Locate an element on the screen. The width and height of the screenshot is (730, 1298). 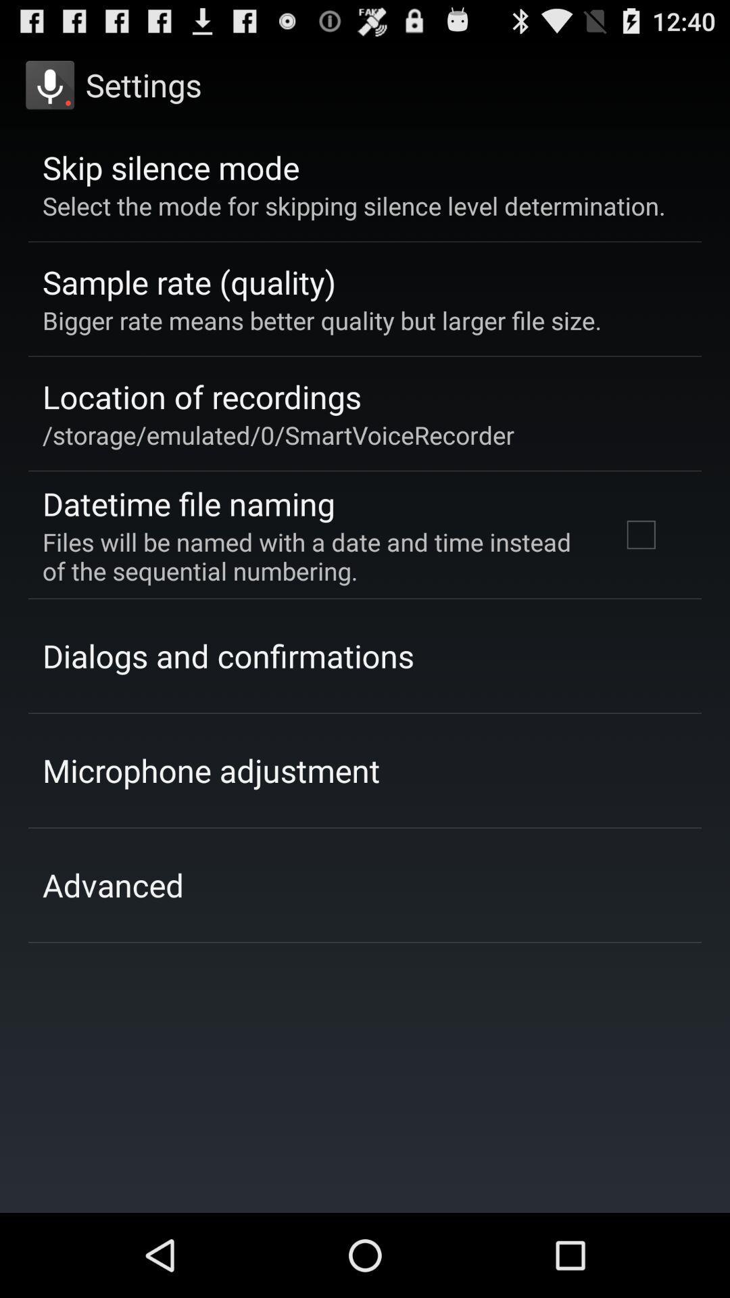
the icon next to the files will be item is located at coordinates (640, 534).